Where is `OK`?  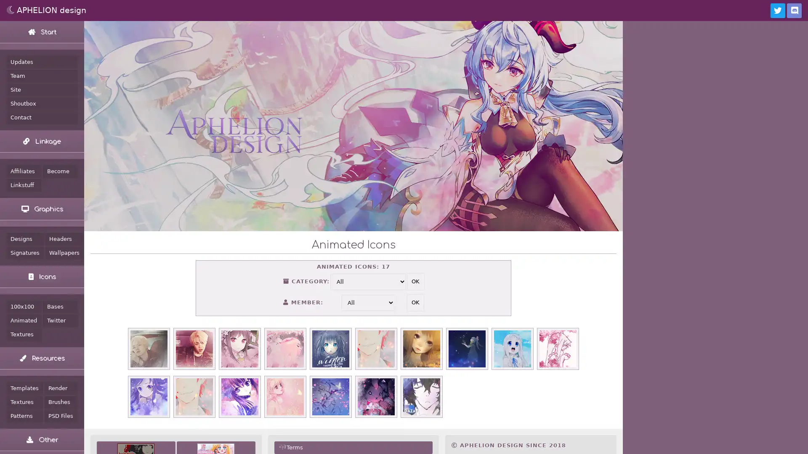
OK is located at coordinates (415, 303).